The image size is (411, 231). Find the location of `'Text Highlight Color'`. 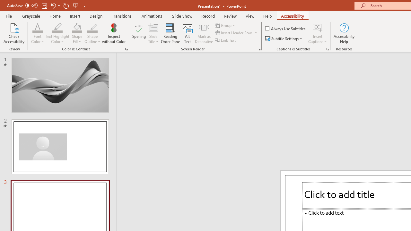

'Text Highlight Color' is located at coordinates (57, 33).